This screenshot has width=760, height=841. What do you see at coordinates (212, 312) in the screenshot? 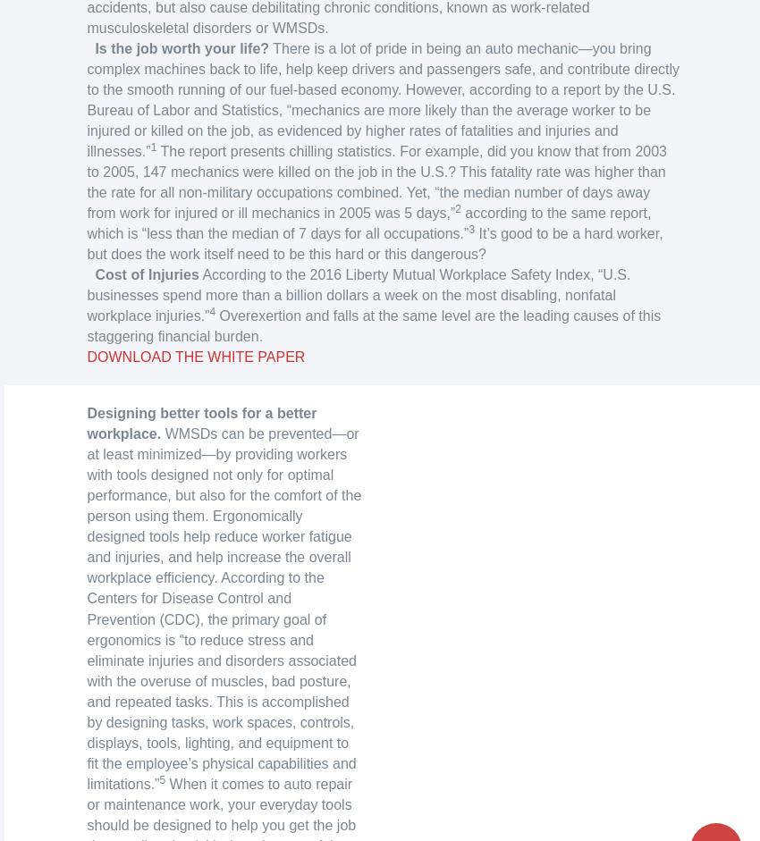
I see `'4'` at bounding box center [212, 312].